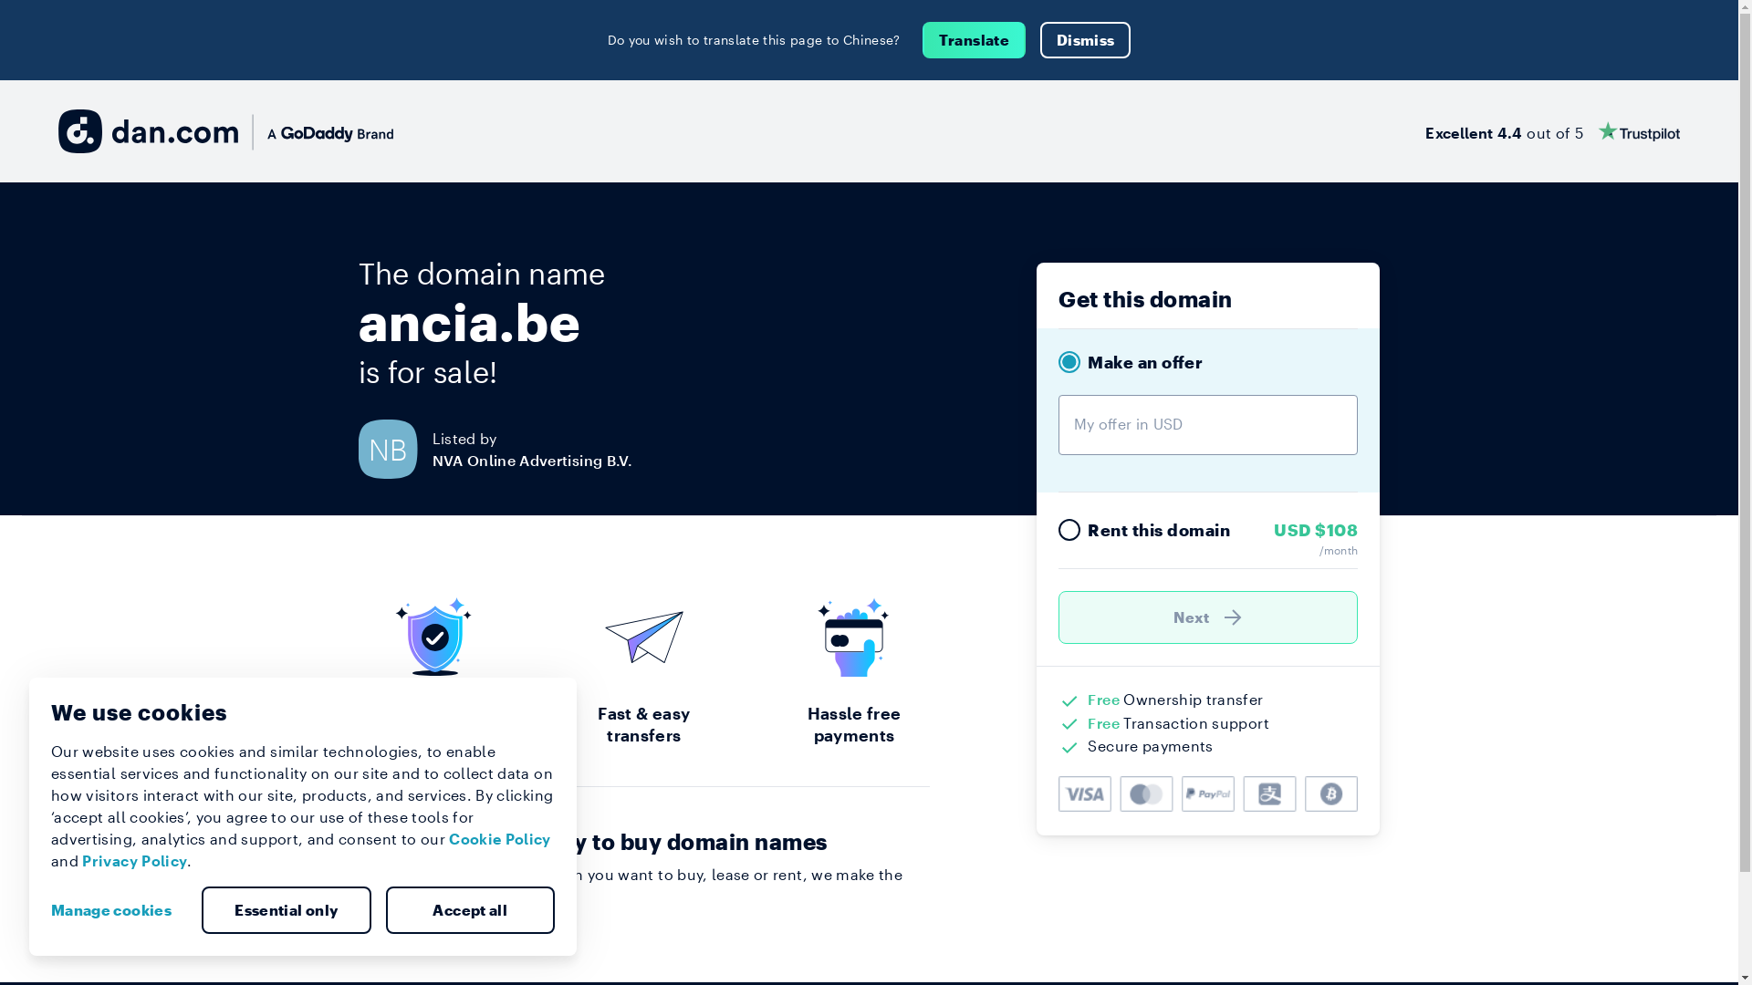 This screenshot has height=985, width=1752. What do you see at coordinates (133, 860) in the screenshot?
I see `'Privacy Policy'` at bounding box center [133, 860].